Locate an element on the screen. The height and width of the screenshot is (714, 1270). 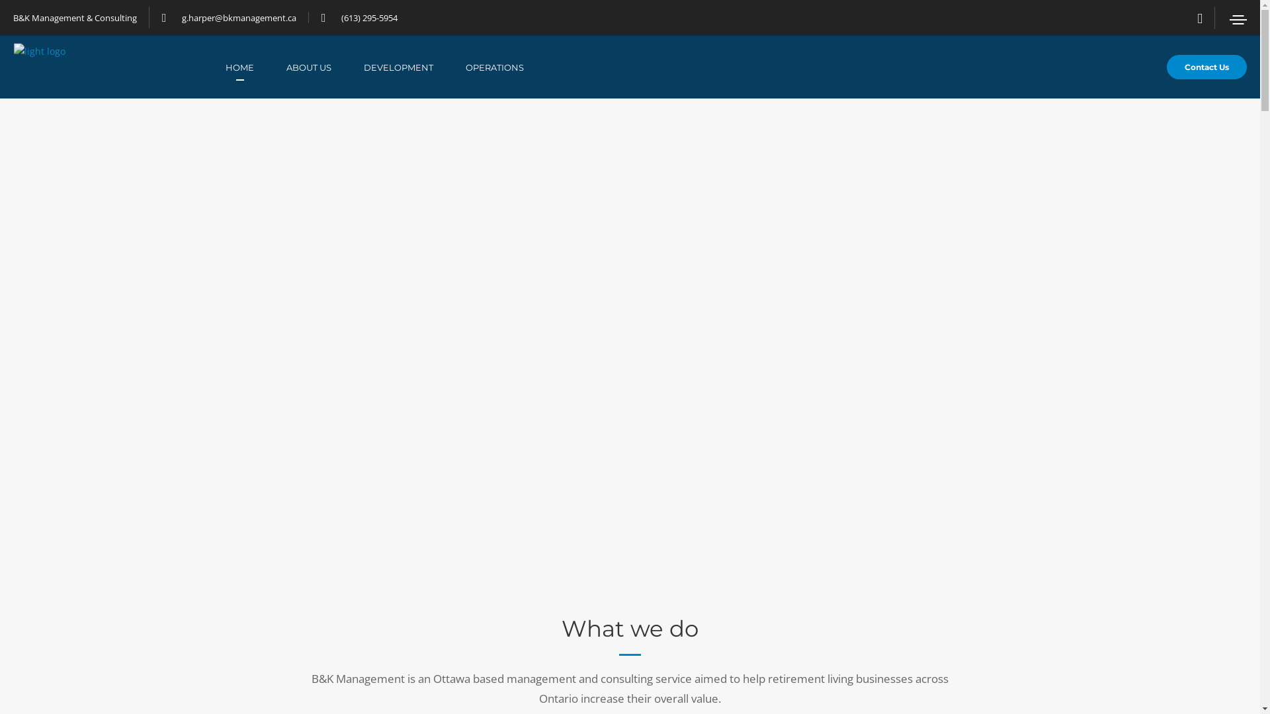
'Contact Us' is located at coordinates (1206, 67).